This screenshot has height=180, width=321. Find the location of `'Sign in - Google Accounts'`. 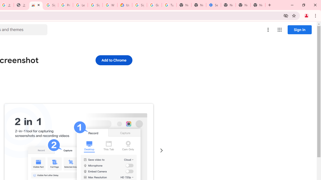

'Sign in - Google Accounts' is located at coordinates (51, 5).